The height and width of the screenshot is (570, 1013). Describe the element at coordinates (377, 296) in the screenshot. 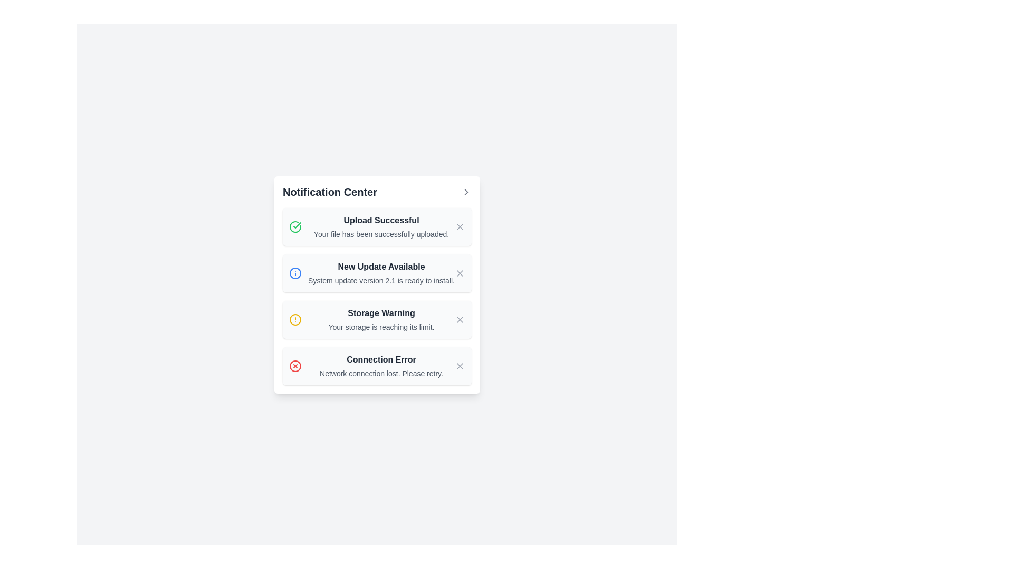

I see `the notification titled 'New Update Available' within the 'Notification Center' card, which is the second notification among four, displaying a message about a system update` at that location.